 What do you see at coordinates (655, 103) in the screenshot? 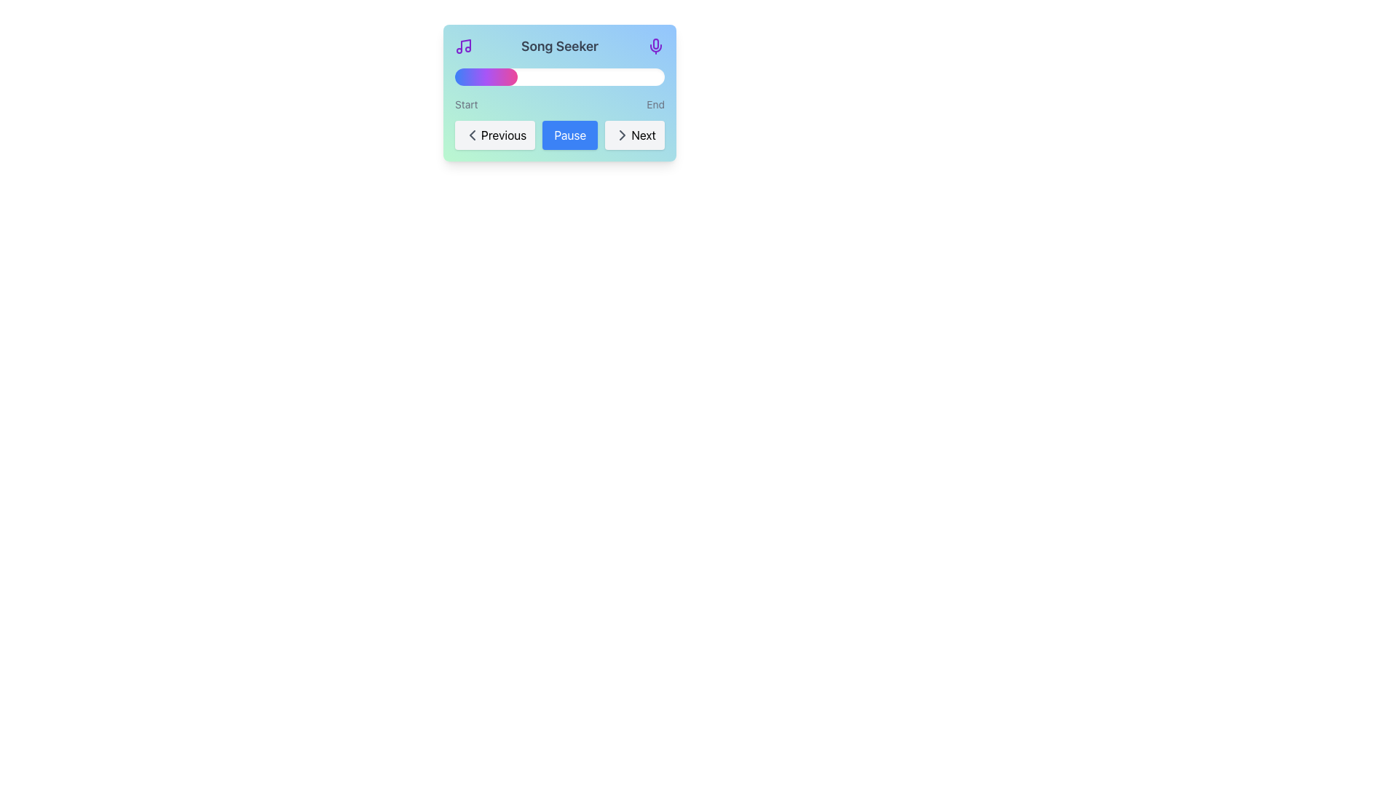
I see `the 'End' text label, which displays 'End' in light gray and is positioned to the right of the 'Start' label` at bounding box center [655, 103].